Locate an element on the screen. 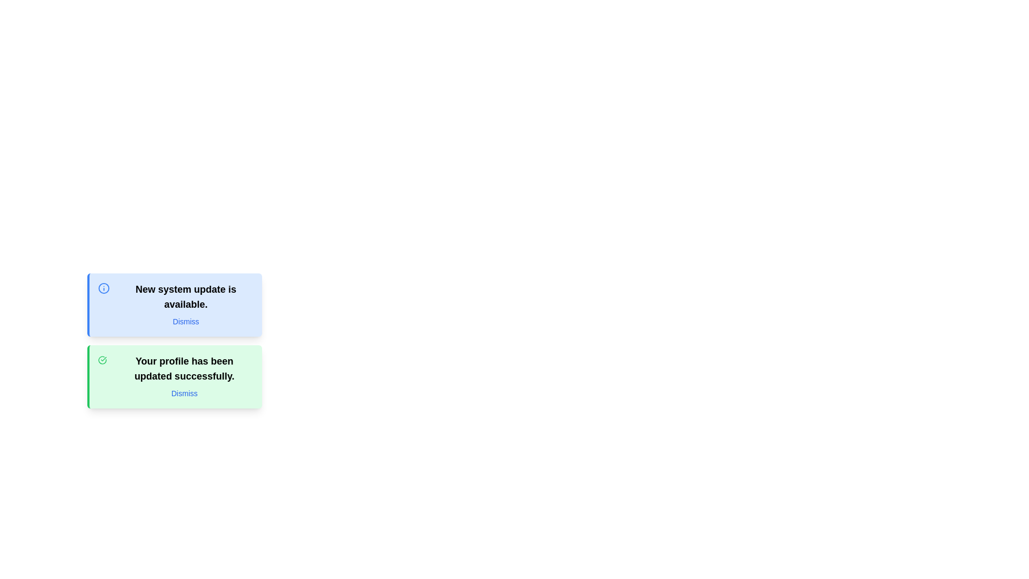 This screenshot has width=1029, height=579. the circular segment icon within the blue notification card indicating 'New system update is available.' is located at coordinates (104, 287).